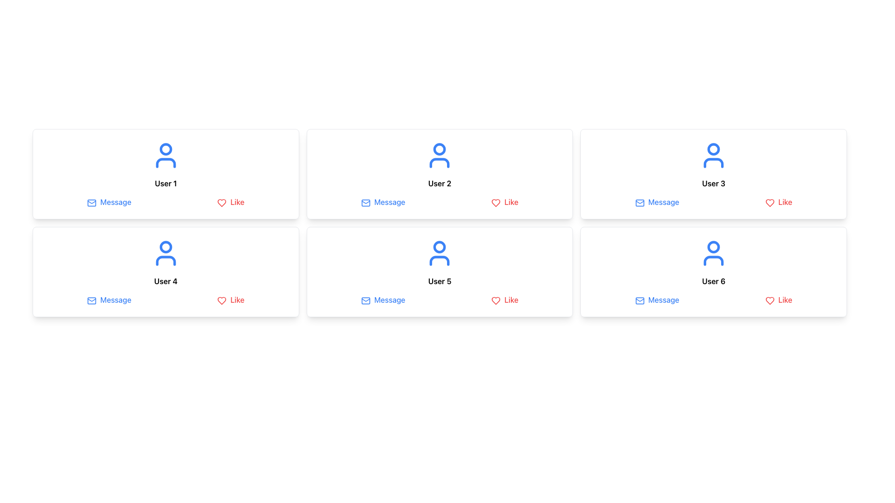  I want to click on the heart-shaped 'Like' button icon, which is red and located beside the text 'Like', so click(221, 202).